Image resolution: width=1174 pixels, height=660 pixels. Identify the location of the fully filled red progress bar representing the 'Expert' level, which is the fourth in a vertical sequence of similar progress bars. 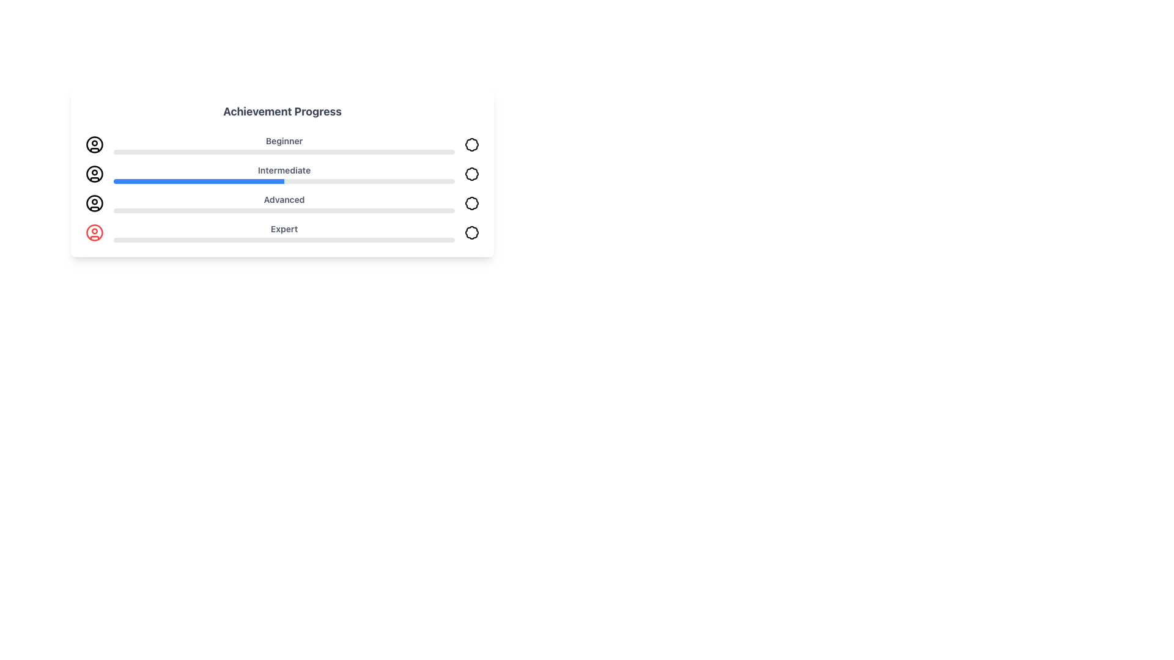
(267, 240).